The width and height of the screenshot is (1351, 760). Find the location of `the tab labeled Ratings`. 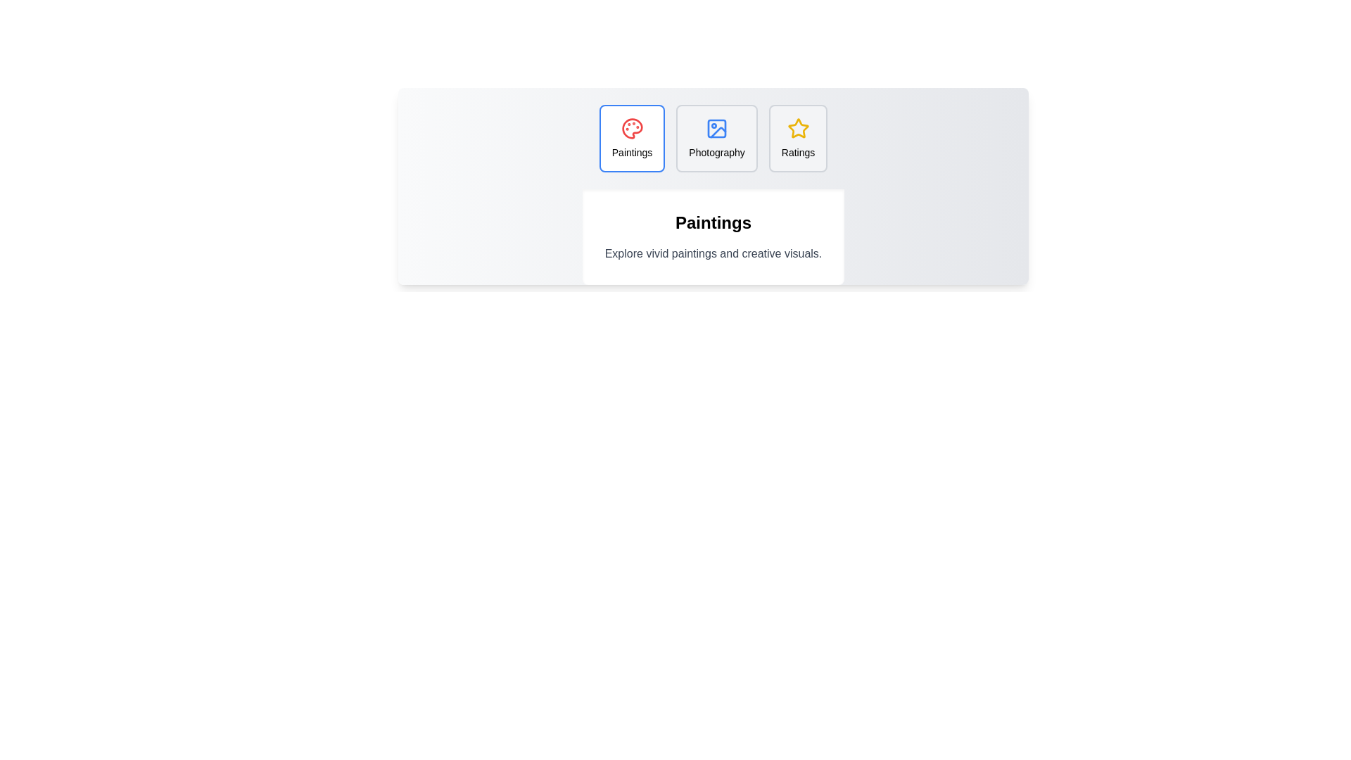

the tab labeled Ratings is located at coordinates (797, 138).